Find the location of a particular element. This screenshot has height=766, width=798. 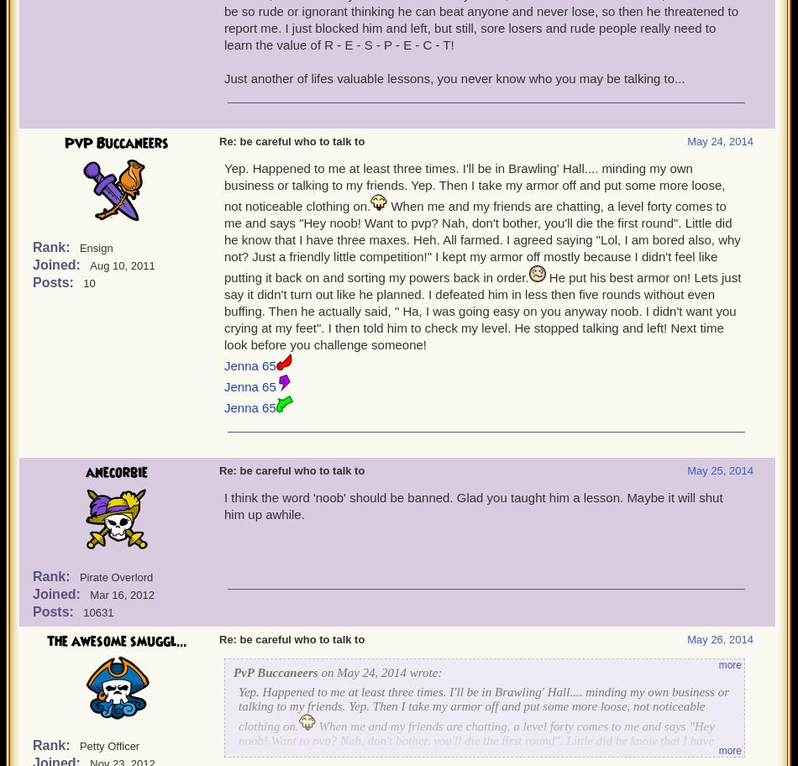

'May 25, 2014' is located at coordinates (719, 470).